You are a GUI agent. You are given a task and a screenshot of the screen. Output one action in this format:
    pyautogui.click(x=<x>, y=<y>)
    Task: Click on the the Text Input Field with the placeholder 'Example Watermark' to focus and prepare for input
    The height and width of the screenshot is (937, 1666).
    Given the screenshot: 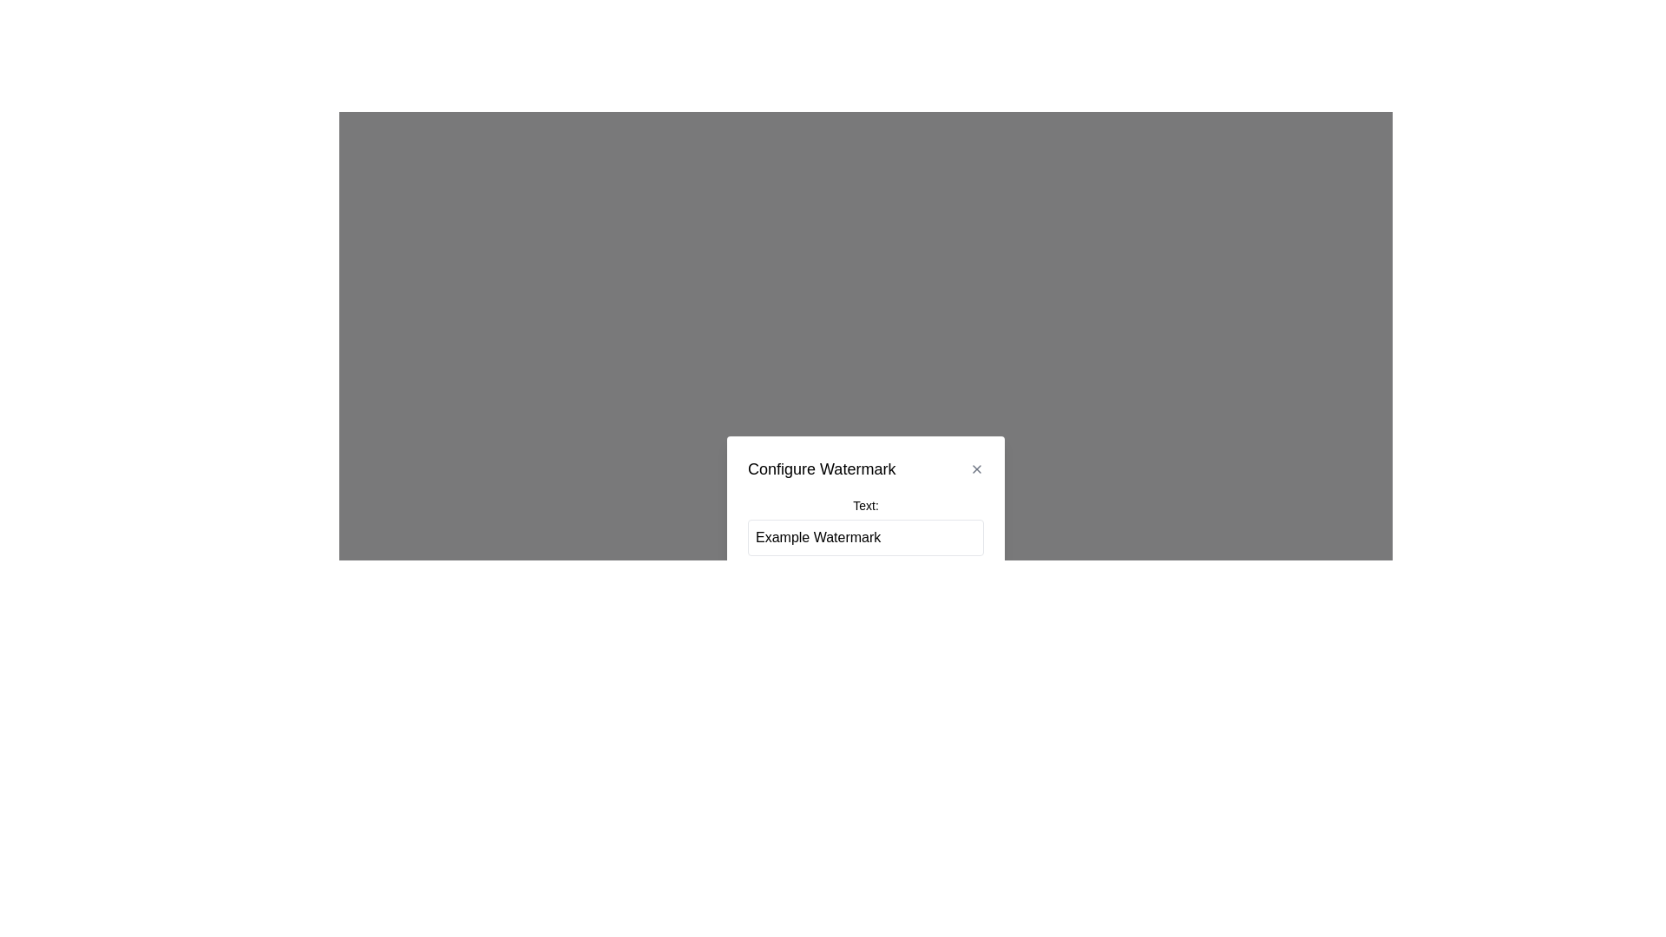 What is the action you would take?
    pyautogui.click(x=866, y=535)
    